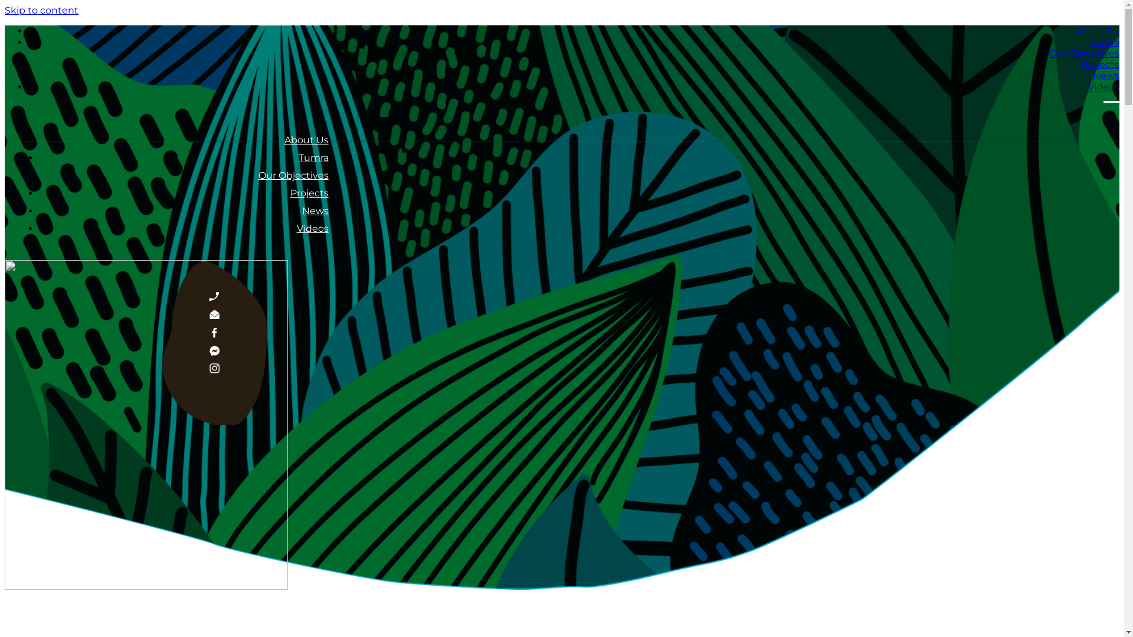 This screenshot has height=637, width=1133. What do you see at coordinates (312, 225) in the screenshot?
I see `'Videos'` at bounding box center [312, 225].